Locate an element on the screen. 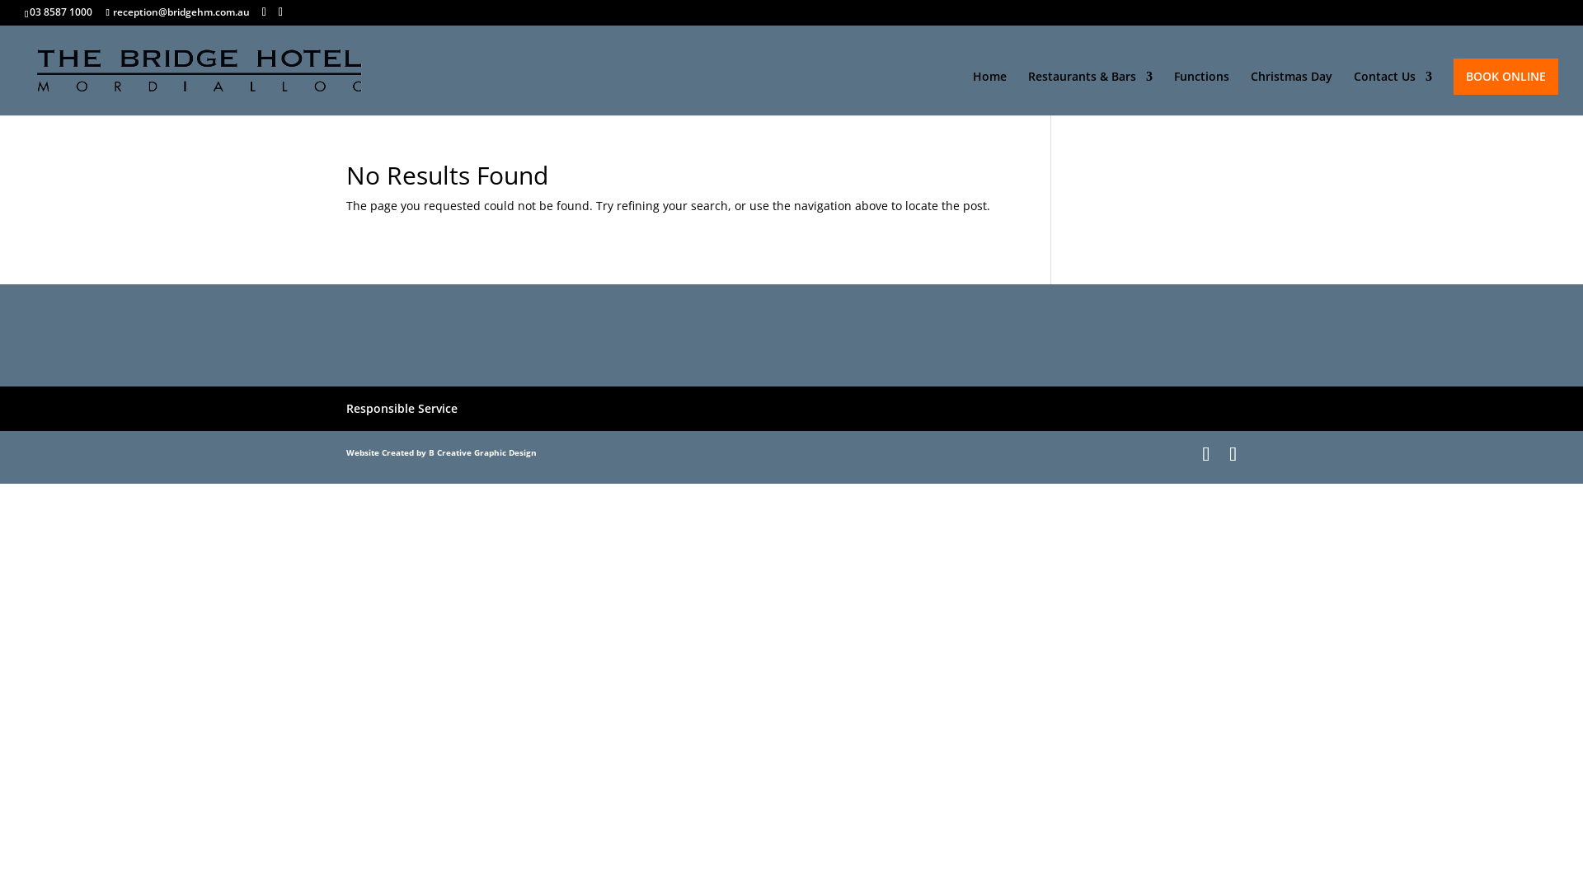 The image size is (1583, 890). 'BOOK ONLINE' is located at coordinates (1505, 76).